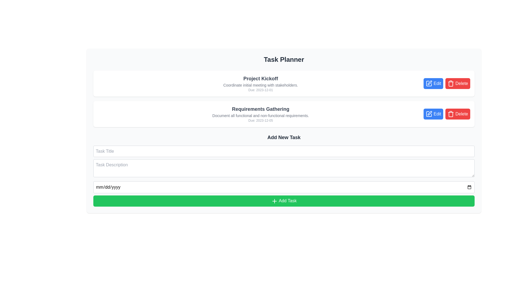 The width and height of the screenshot is (524, 294). I want to click on the read-only informational Text Label displaying the due date of the task, located at the bottom of the task card titled 'Requirements Gathering', so click(260, 120).